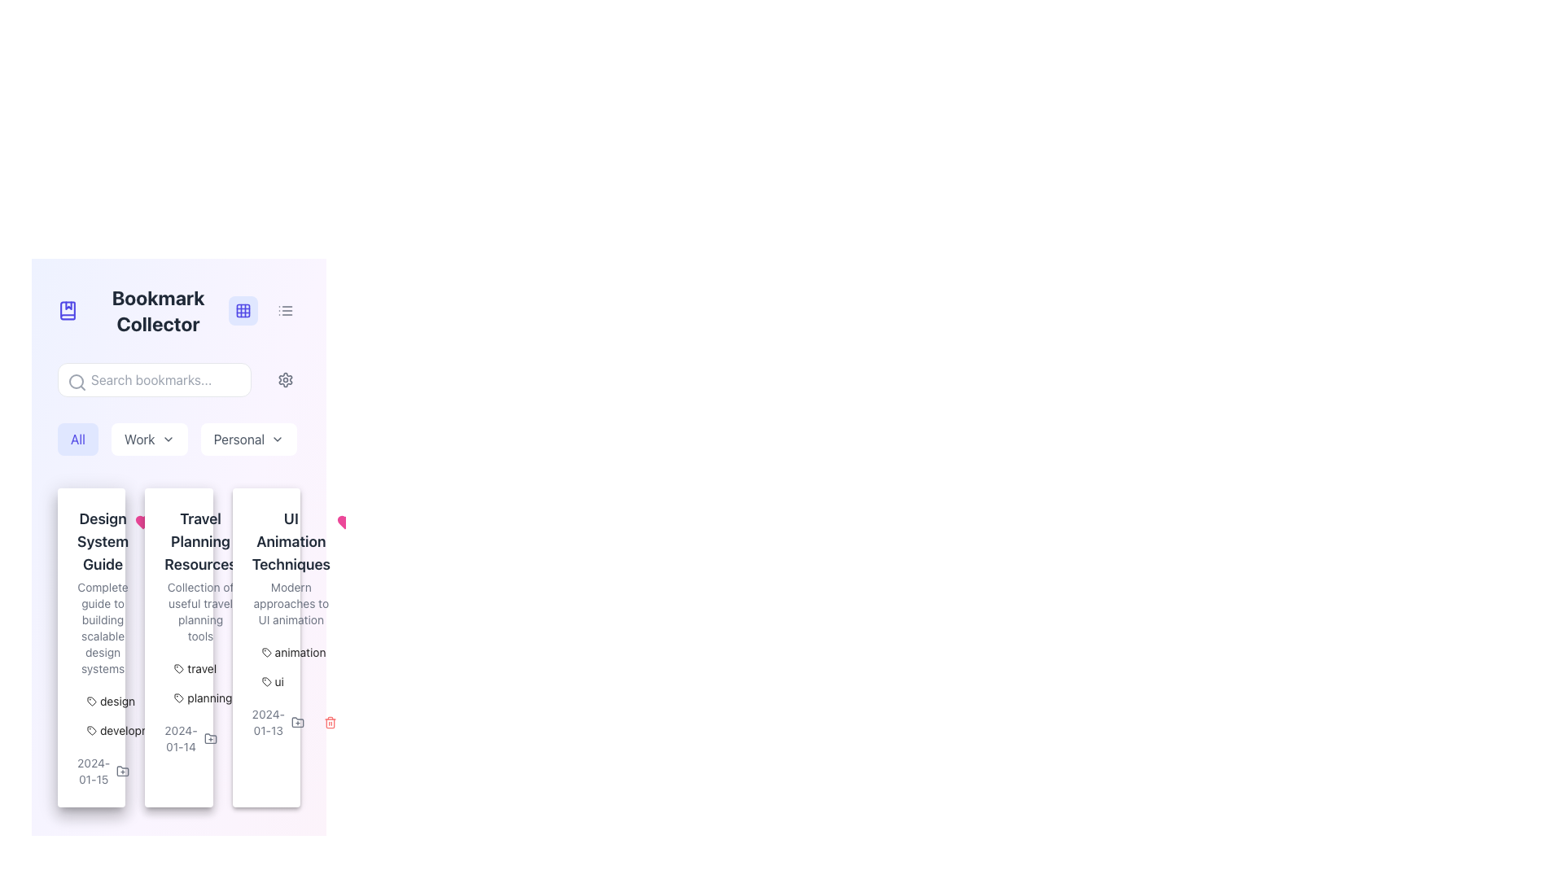 This screenshot has width=1563, height=879. What do you see at coordinates (202, 697) in the screenshot?
I see `the 'planning' tag label with a soft purple background located in the 'Travel Planning Resources' card` at bounding box center [202, 697].